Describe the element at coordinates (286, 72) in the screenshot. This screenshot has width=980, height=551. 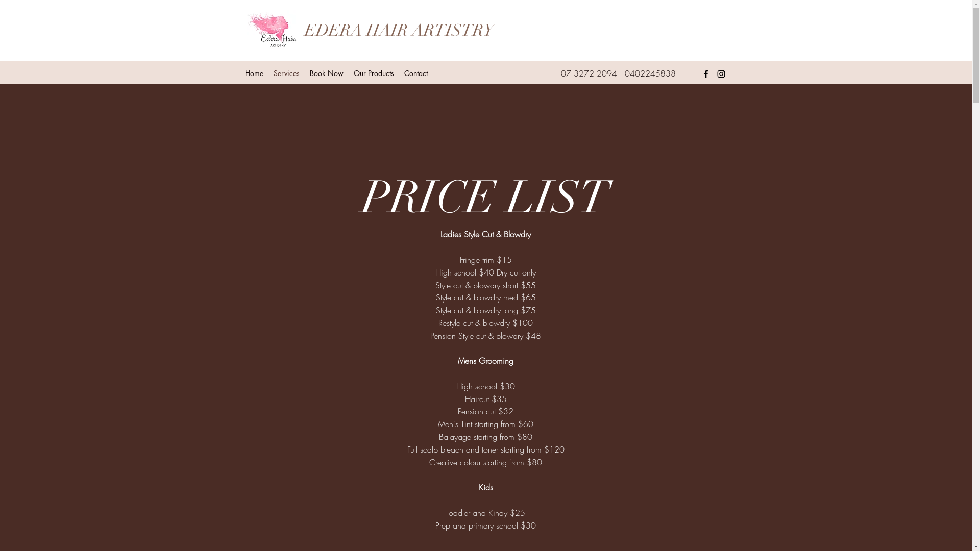
I see `'Services'` at that location.